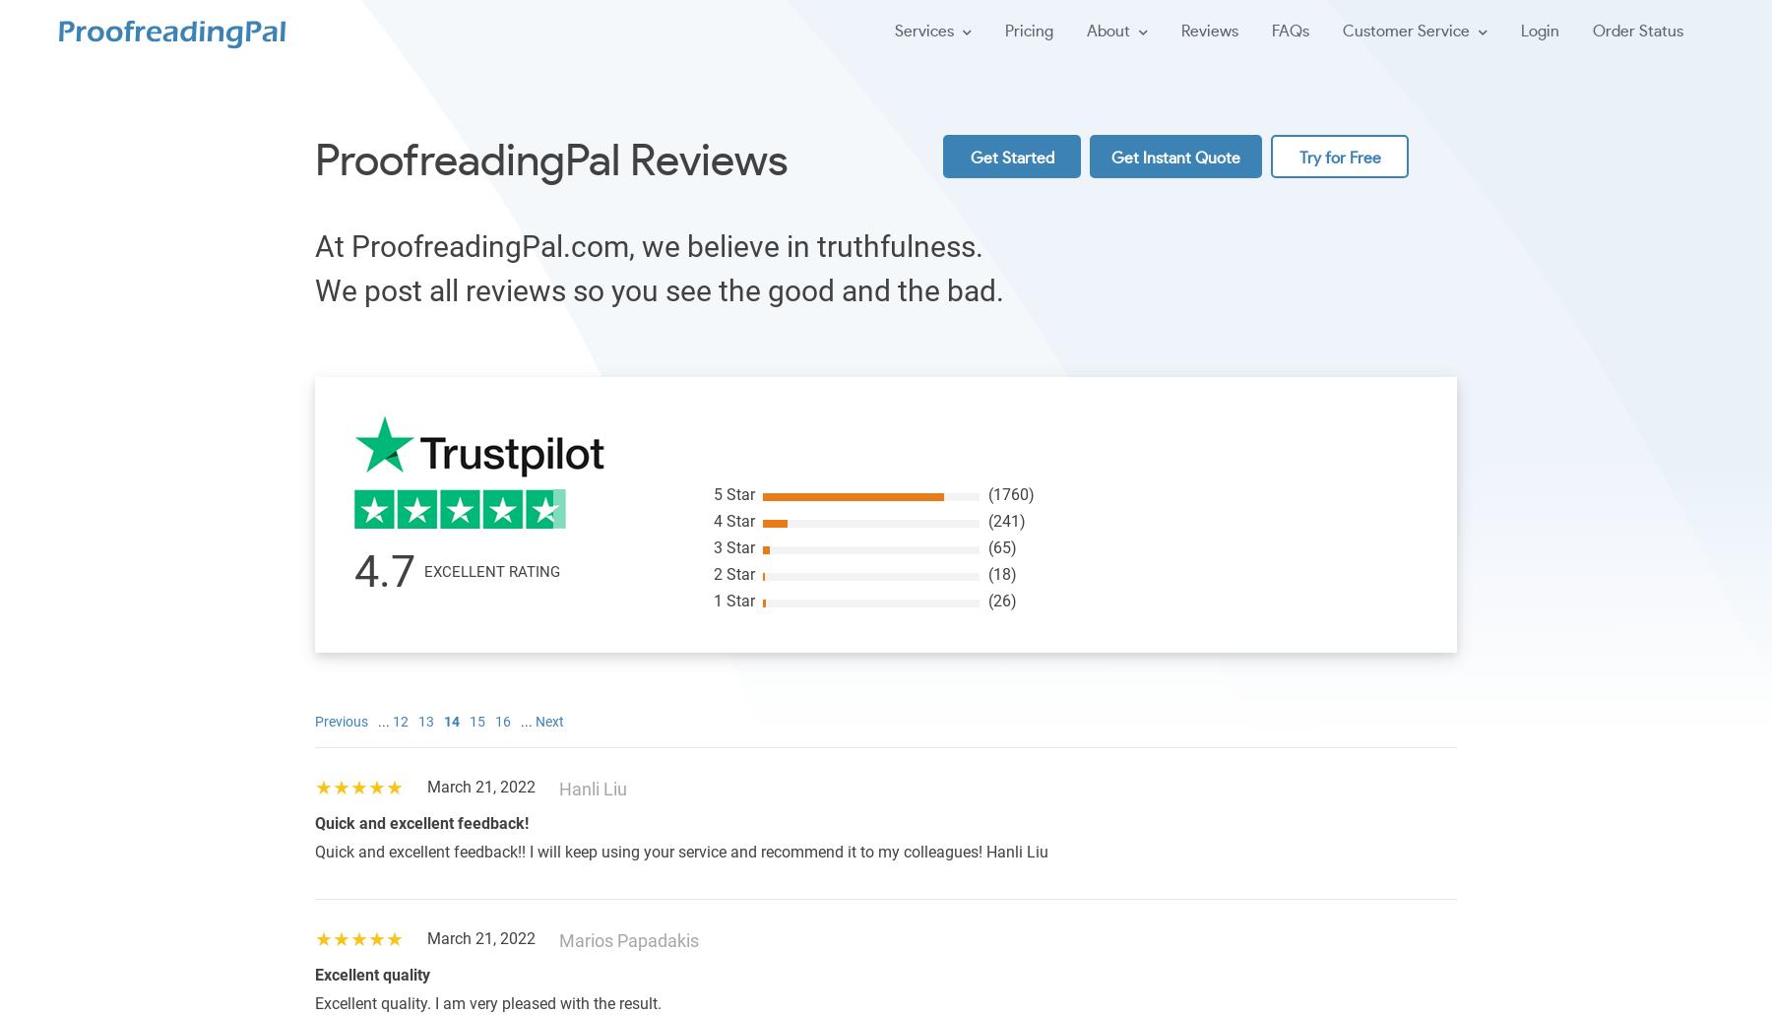 This screenshot has width=1772, height=1015. What do you see at coordinates (1002, 546) in the screenshot?
I see `'(65)'` at bounding box center [1002, 546].